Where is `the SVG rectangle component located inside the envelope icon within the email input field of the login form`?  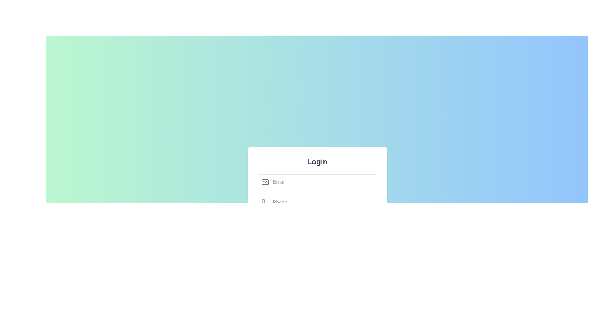
the SVG rectangle component located inside the envelope icon within the email input field of the login form is located at coordinates (265, 181).